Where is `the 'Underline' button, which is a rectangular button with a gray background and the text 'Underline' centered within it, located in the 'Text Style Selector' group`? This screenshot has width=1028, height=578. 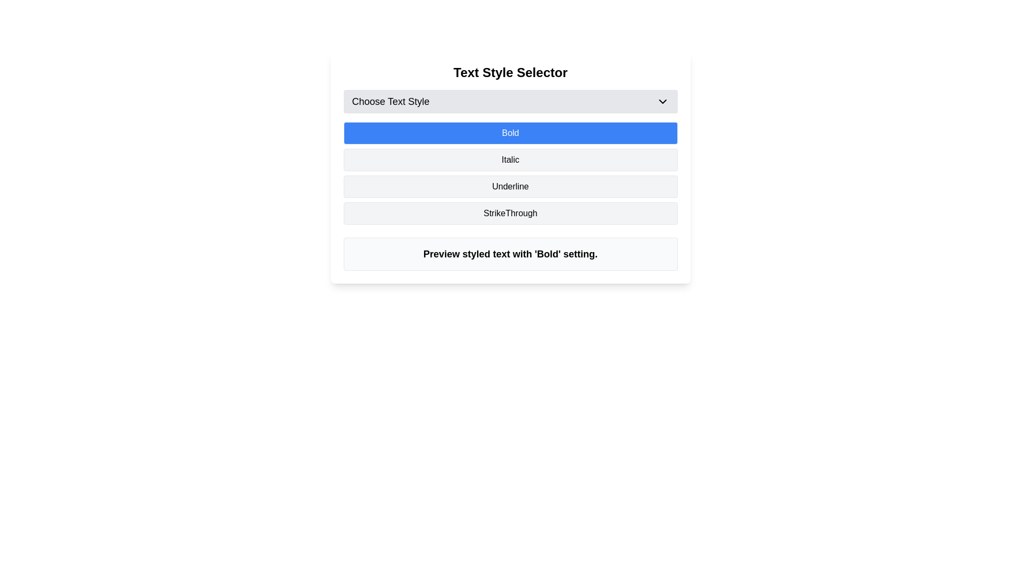
the 'Underline' button, which is a rectangular button with a gray background and the text 'Underline' centered within it, located in the 'Text Style Selector' group is located at coordinates (510, 186).